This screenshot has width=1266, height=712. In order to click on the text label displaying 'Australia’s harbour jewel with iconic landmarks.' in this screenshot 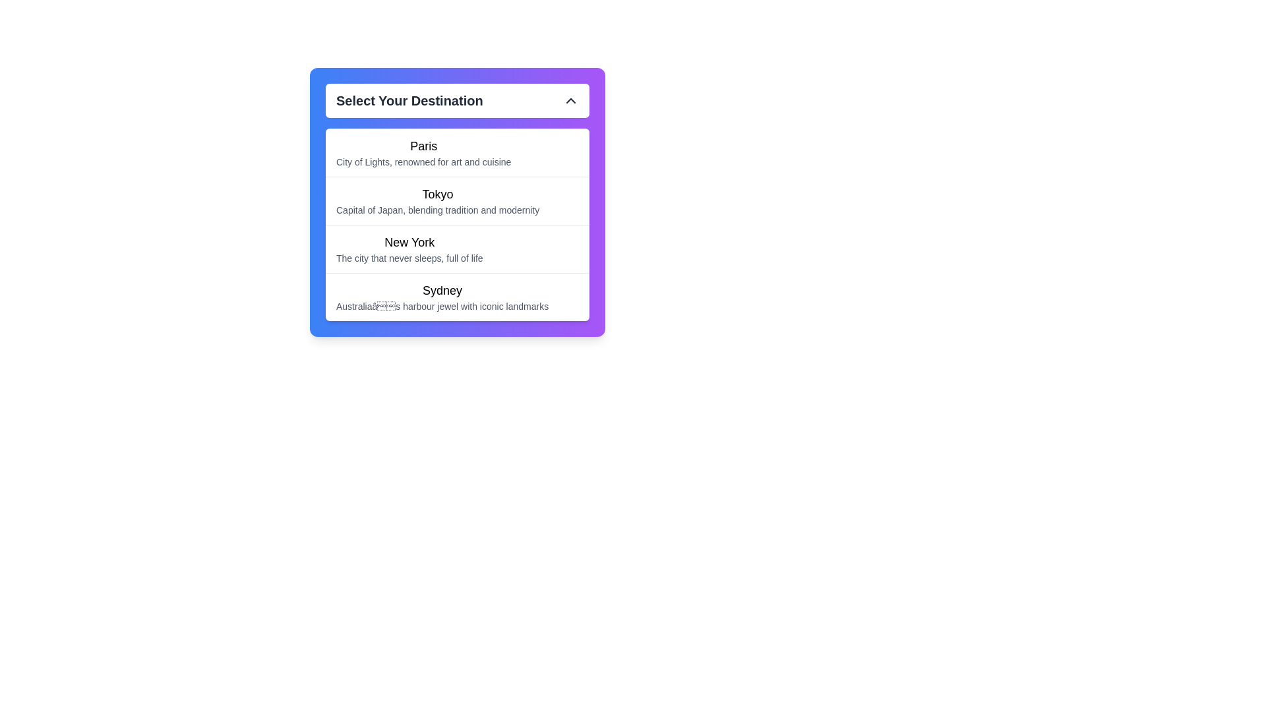, I will do `click(442, 307)`.